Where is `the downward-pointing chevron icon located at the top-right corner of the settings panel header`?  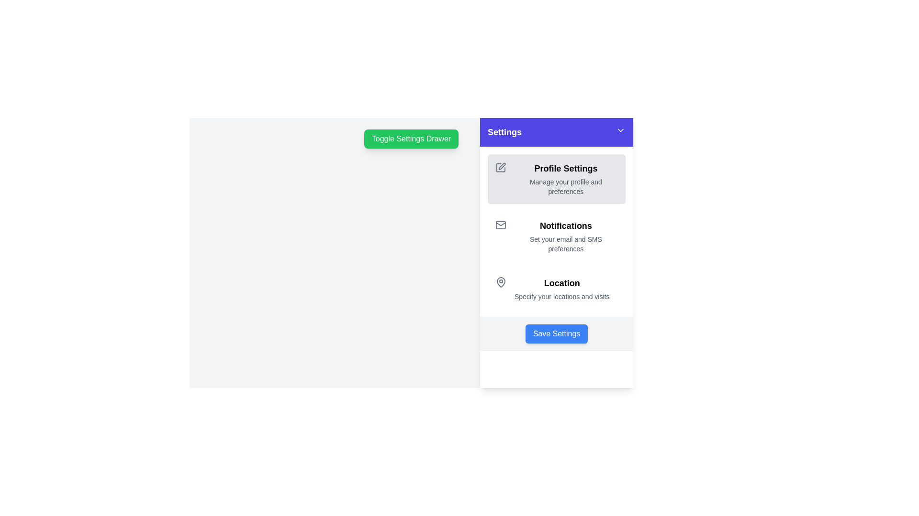
the downward-pointing chevron icon located at the top-right corner of the settings panel header is located at coordinates (620, 130).